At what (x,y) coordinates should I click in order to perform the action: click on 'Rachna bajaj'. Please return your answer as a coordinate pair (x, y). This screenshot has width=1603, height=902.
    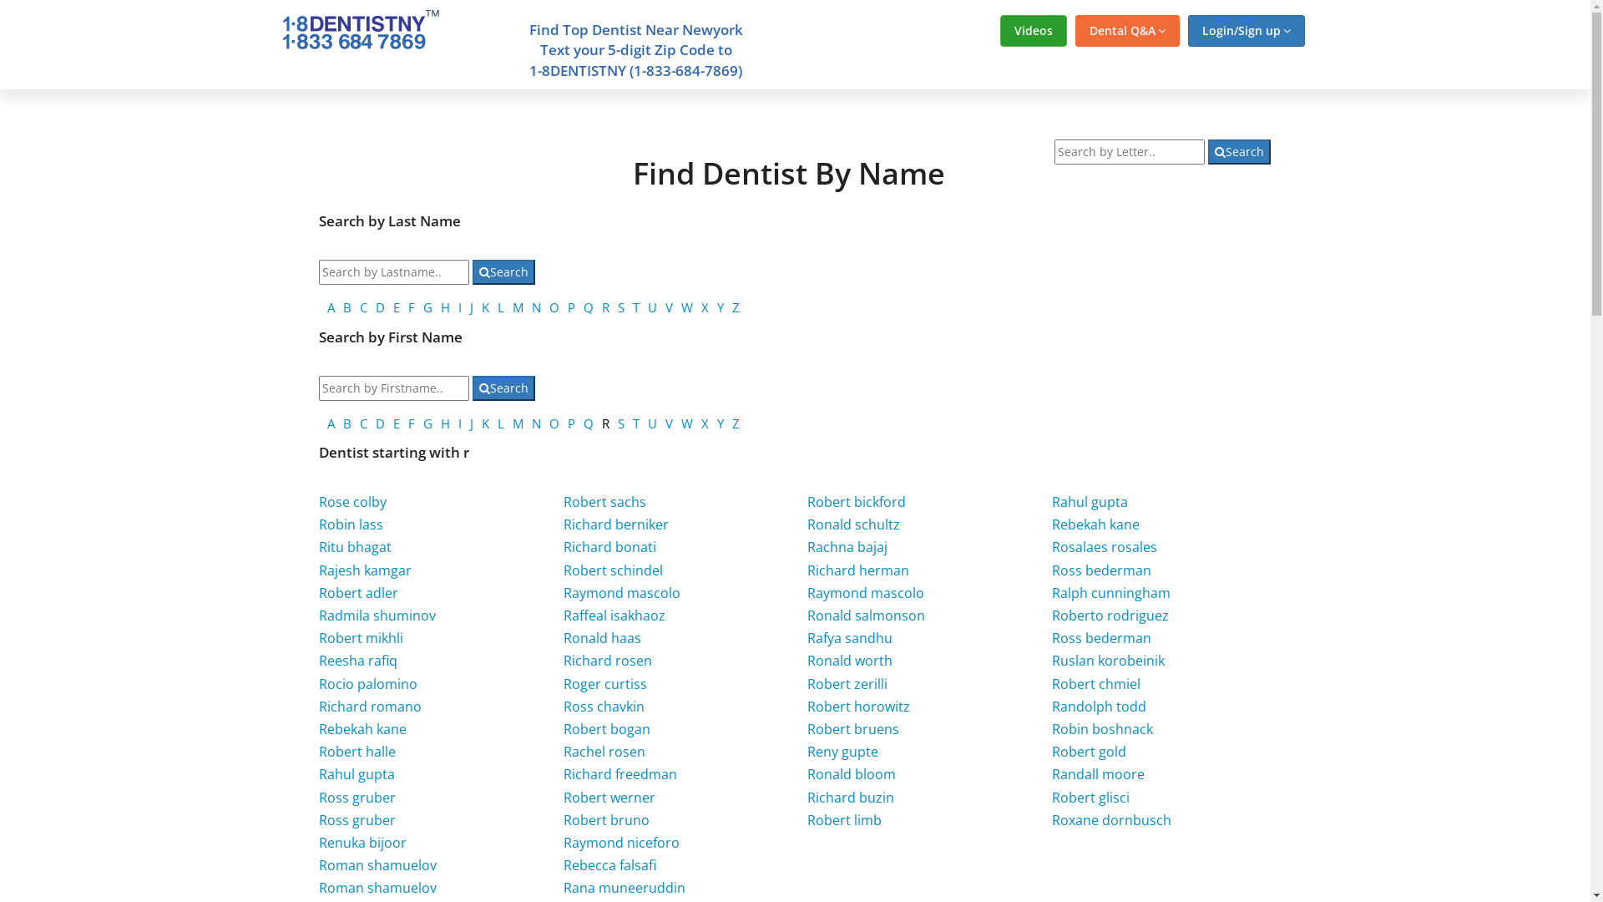
    Looking at the image, I should click on (847, 547).